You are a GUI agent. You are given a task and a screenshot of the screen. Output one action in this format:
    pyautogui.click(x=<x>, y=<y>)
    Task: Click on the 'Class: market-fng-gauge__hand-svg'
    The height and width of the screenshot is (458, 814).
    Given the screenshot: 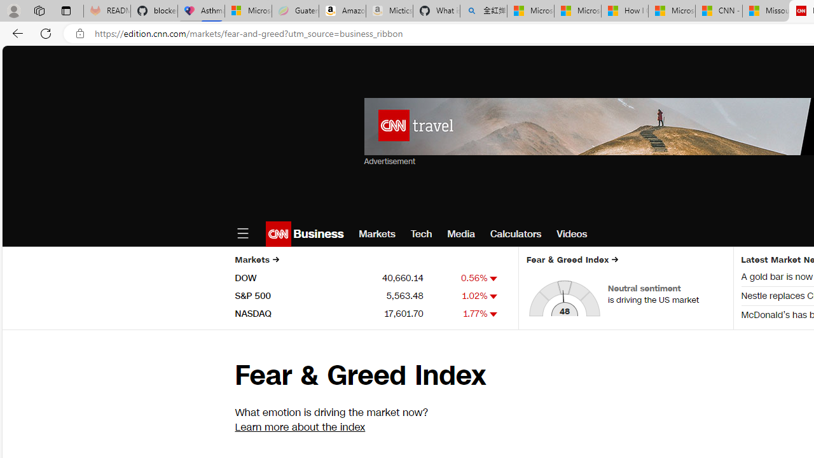 What is the action you would take?
    pyautogui.click(x=563, y=302)
    